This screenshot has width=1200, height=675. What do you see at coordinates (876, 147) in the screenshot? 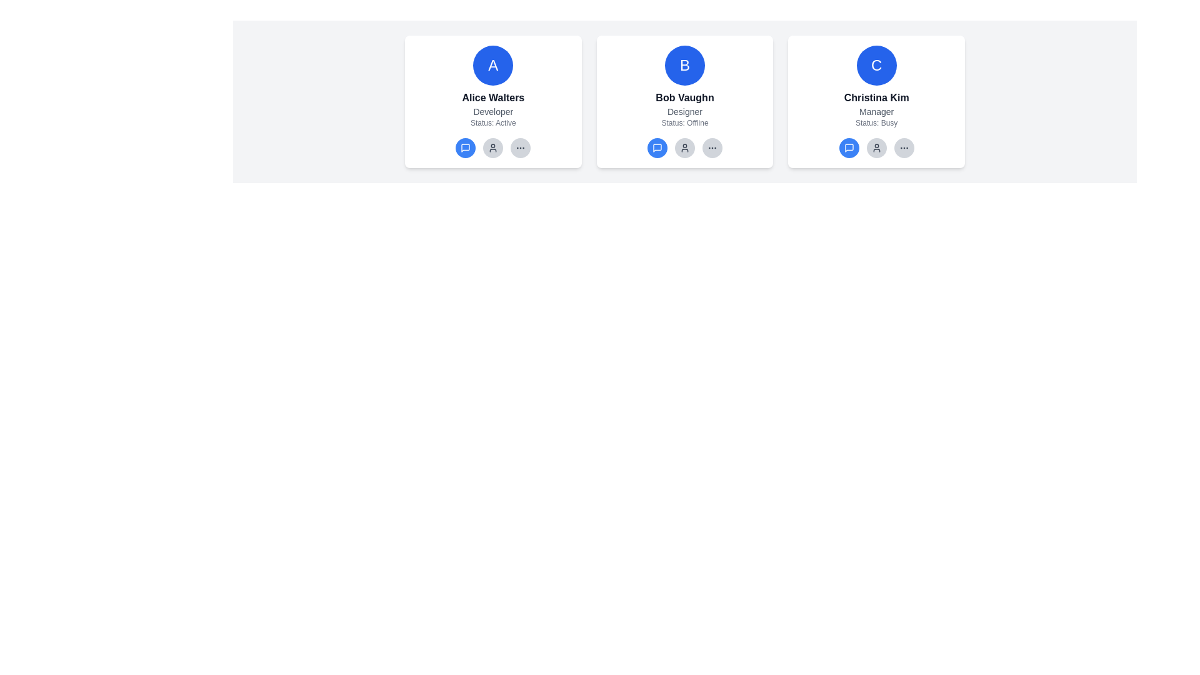
I see `the circular button with a user profile icon located to the right of the profile card labeled 'Christina Kim, Manager, Status: Busy', specifically the second button from the left in its row` at bounding box center [876, 147].